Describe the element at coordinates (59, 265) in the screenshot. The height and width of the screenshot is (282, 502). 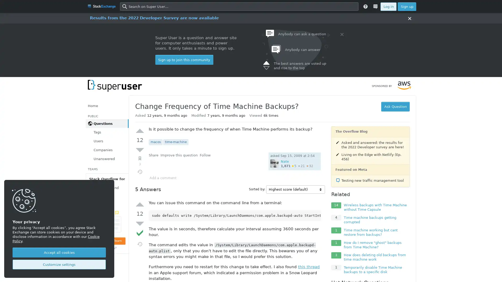
I see `Customize settings` at that location.